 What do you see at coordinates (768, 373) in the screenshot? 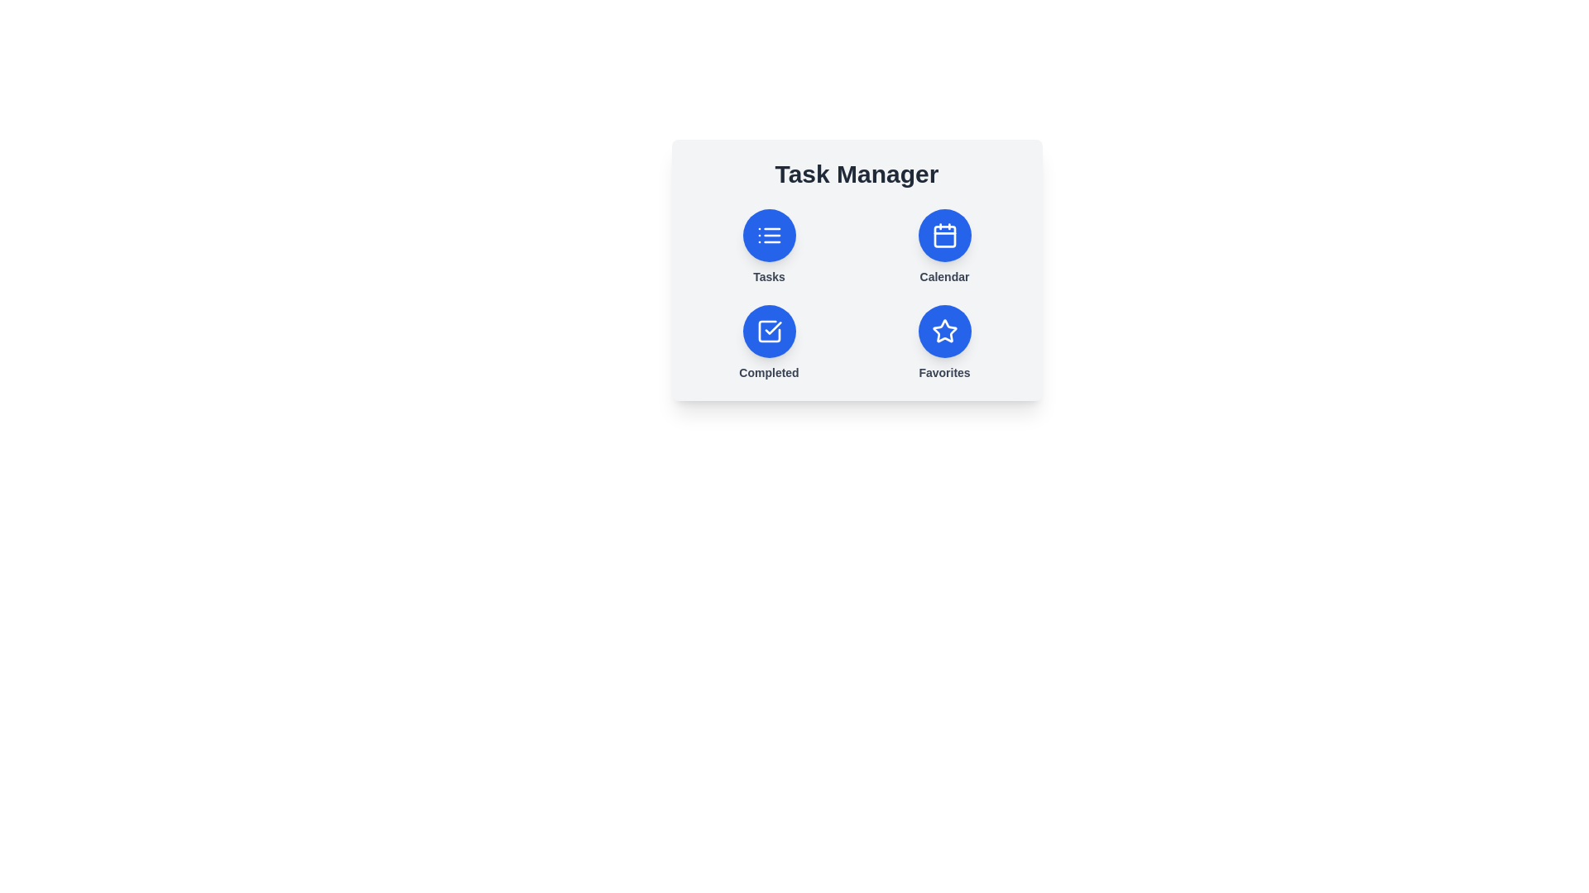
I see `the static text label displaying 'Completed', which is positioned below a circular blue icon with a checkmark` at bounding box center [768, 373].